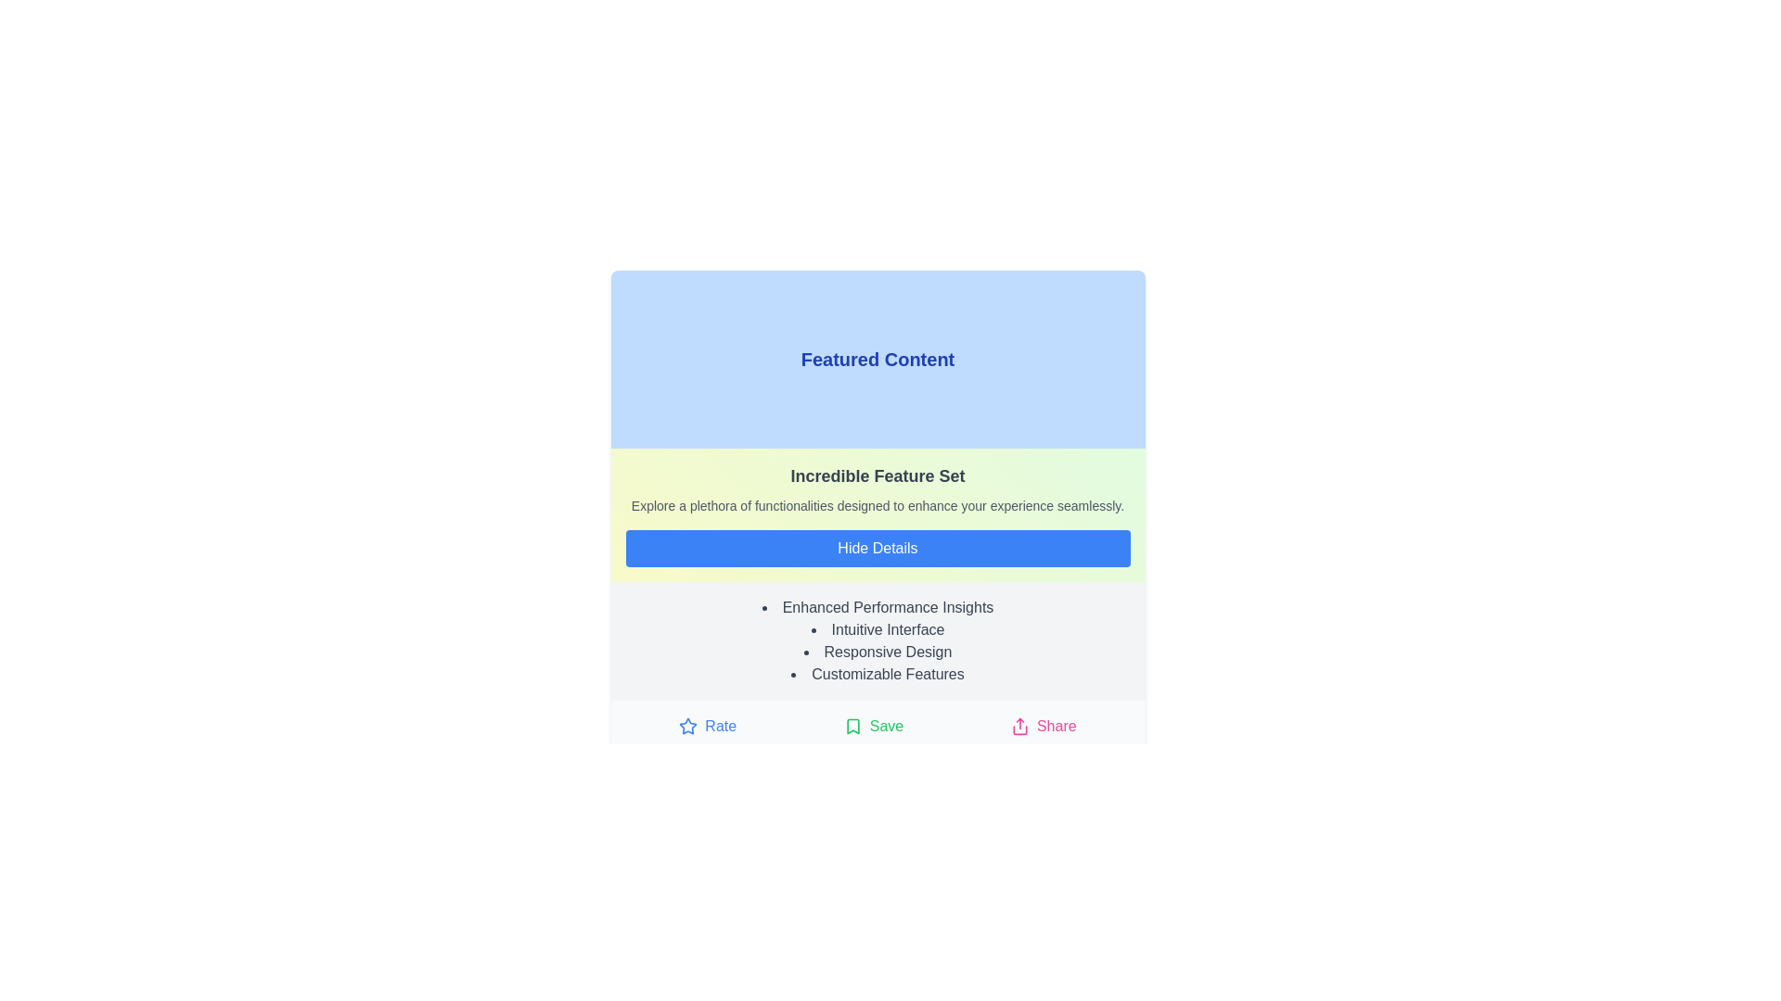 Image resolution: width=1781 pixels, height=1001 pixels. I want to click on the green 'Save' button with a bookmark icon to observe the hover effect, so click(872, 725).